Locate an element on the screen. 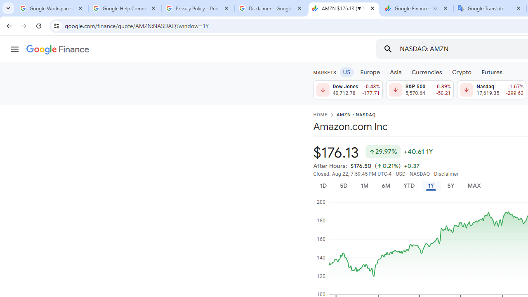 The width and height of the screenshot is (528, 297). 'Currencies' is located at coordinates (427, 71).